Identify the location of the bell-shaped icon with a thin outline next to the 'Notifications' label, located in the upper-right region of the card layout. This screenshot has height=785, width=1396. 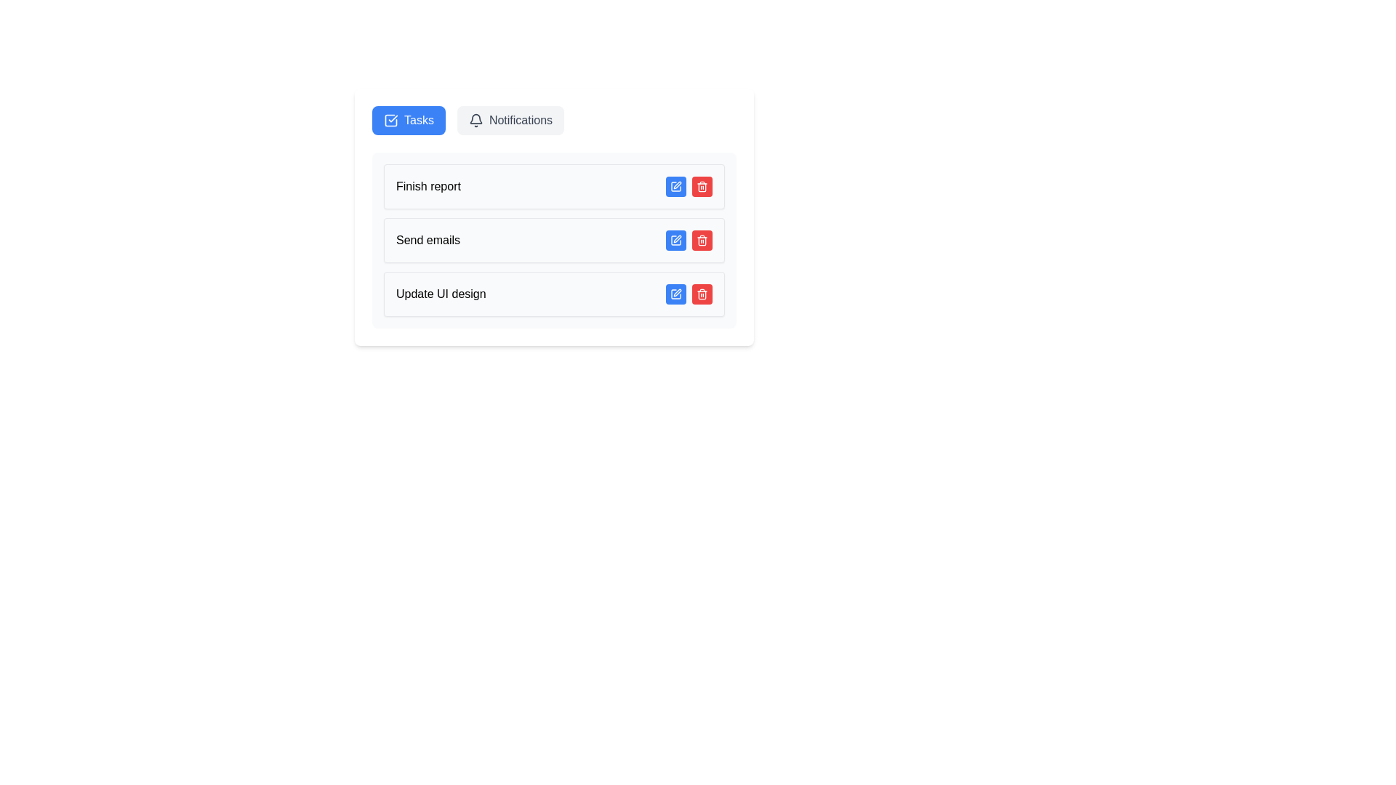
(476, 119).